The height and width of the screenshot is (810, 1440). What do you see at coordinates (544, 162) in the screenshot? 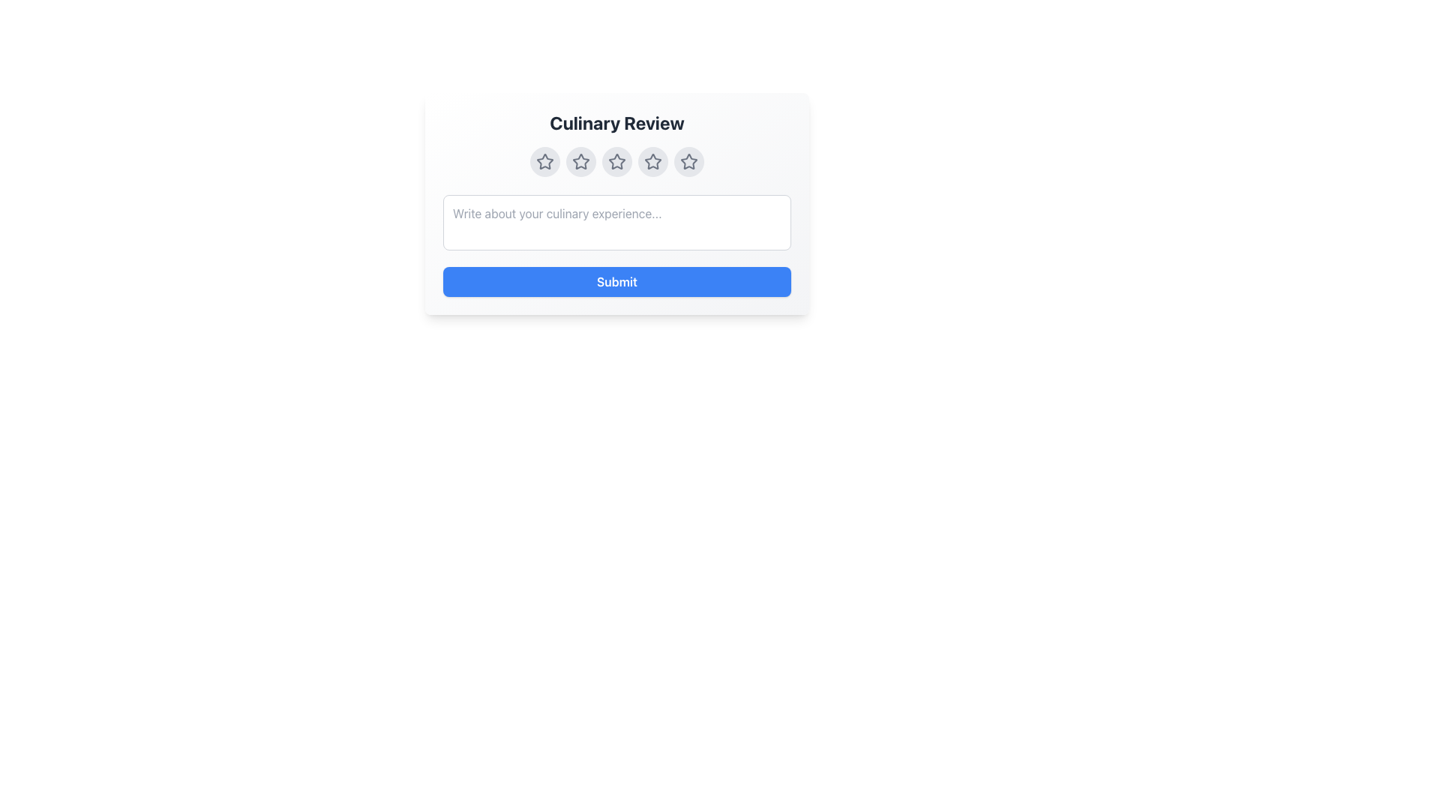
I see `the first circular rating button with a star icon below the 'Culinary Review' title` at bounding box center [544, 162].